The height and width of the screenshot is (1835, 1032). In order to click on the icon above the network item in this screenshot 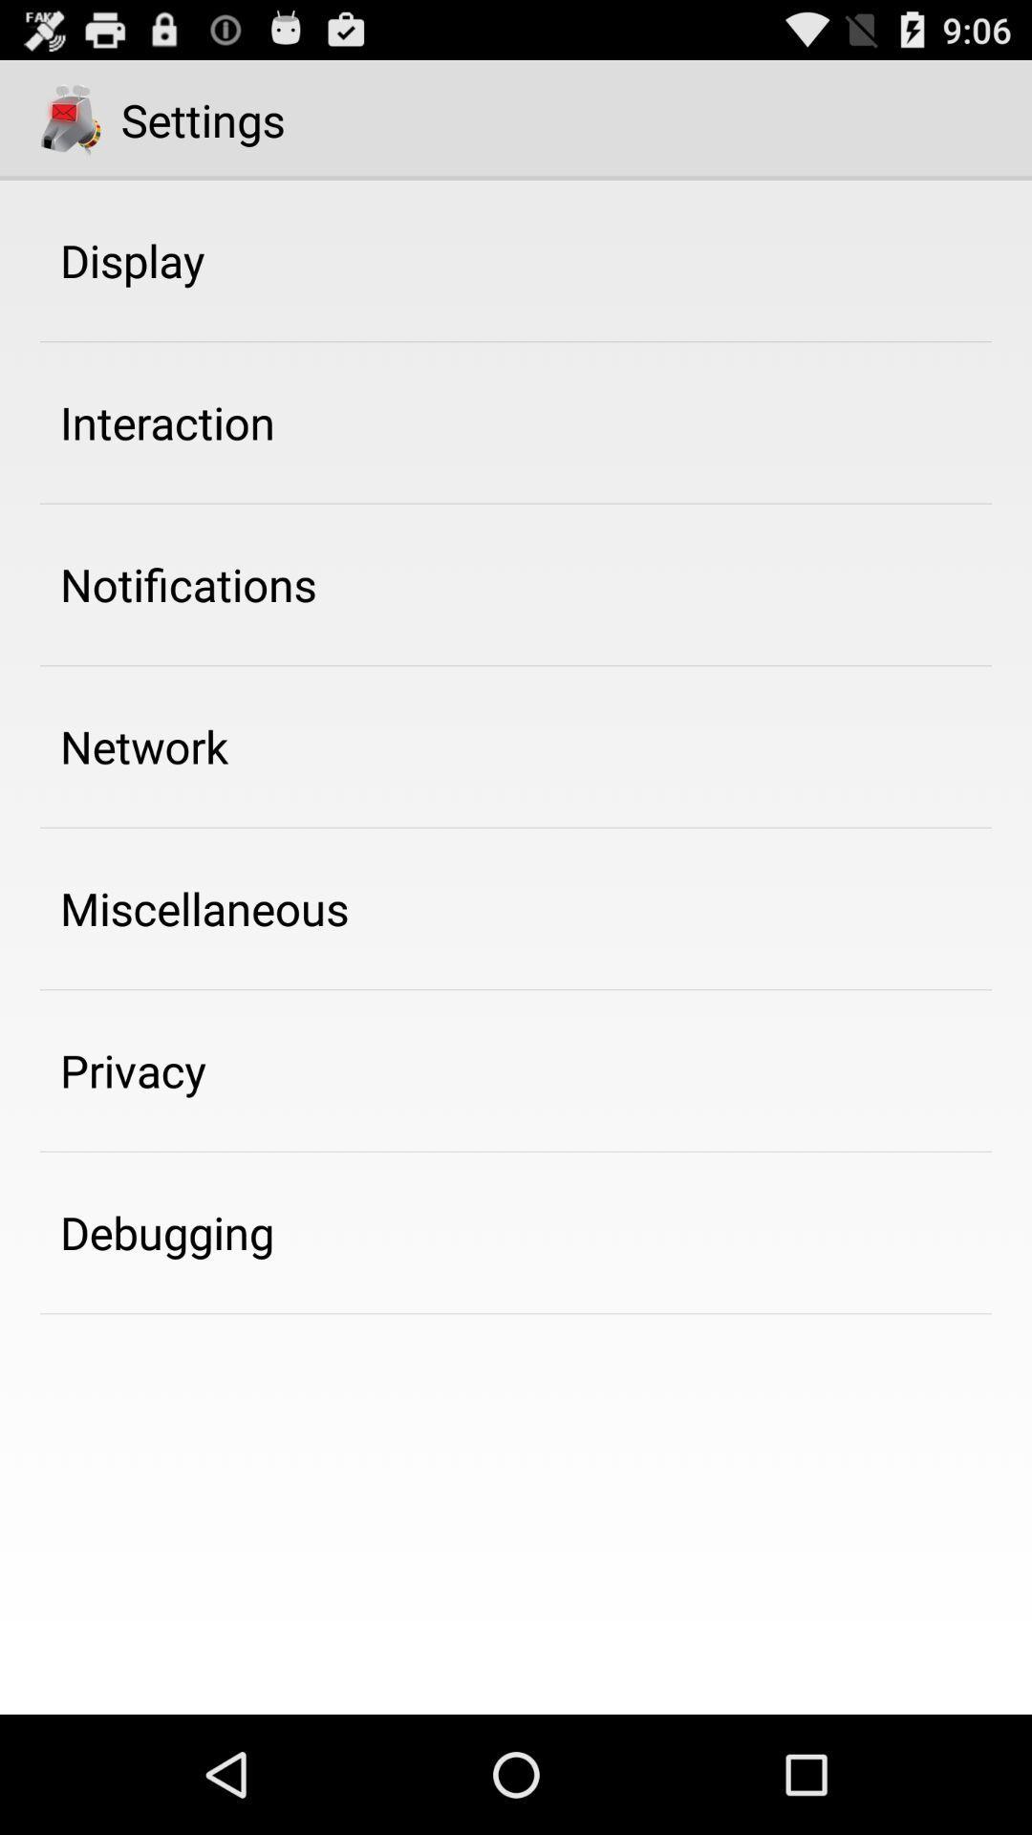, I will do `click(188, 583)`.